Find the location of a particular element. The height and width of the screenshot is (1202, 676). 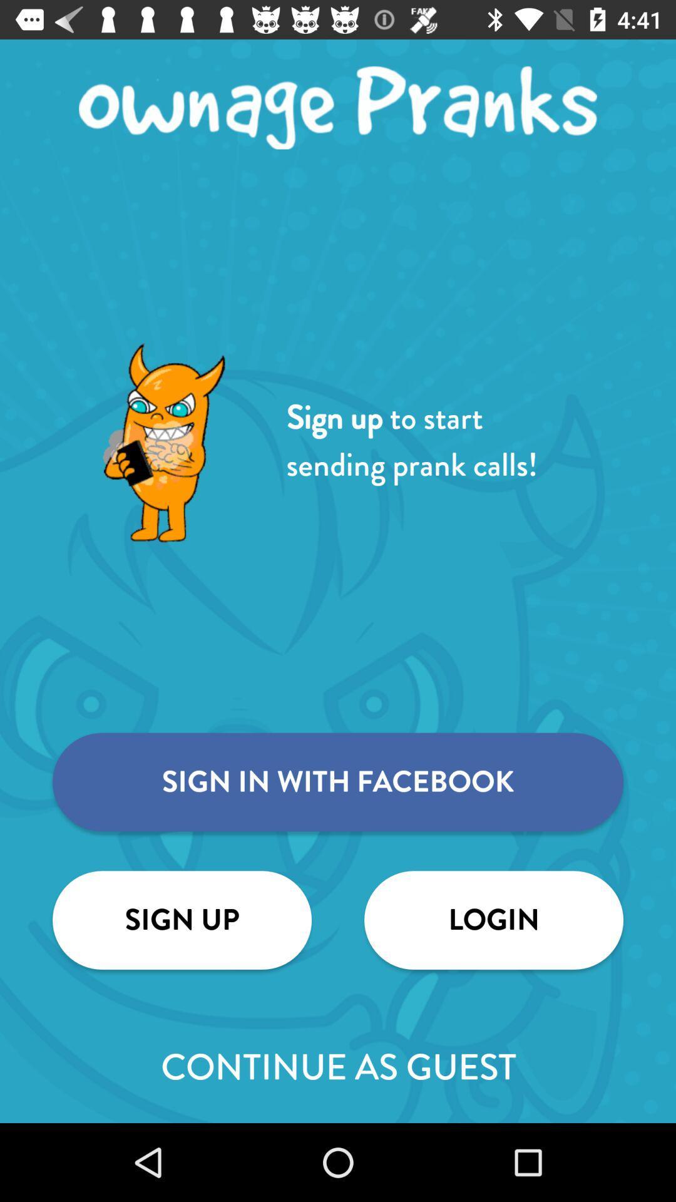

item at the bottom right corner is located at coordinates (493, 920).